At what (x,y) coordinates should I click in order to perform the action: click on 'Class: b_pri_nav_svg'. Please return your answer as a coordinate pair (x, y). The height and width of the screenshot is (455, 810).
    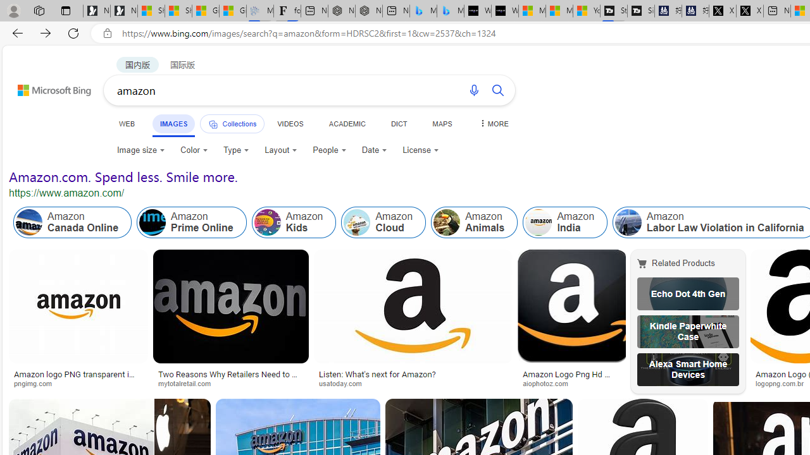
    Looking at the image, I should click on (213, 124).